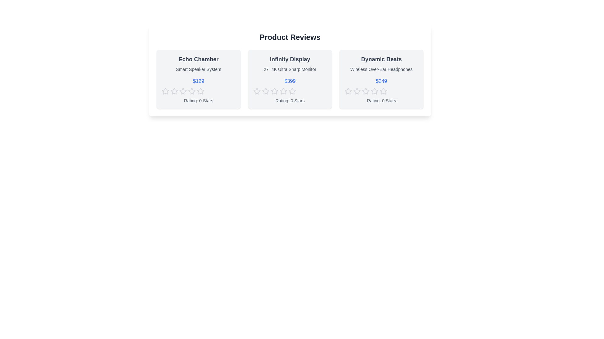 Image resolution: width=604 pixels, height=339 pixels. What do you see at coordinates (381, 100) in the screenshot?
I see `the text label displaying 'Rating: 0 Stars' located beneath the star icons and price tag of '$249' for the 'Dynamic Beats Wireless Over-Ear Headphones'` at bounding box center [381, 100].